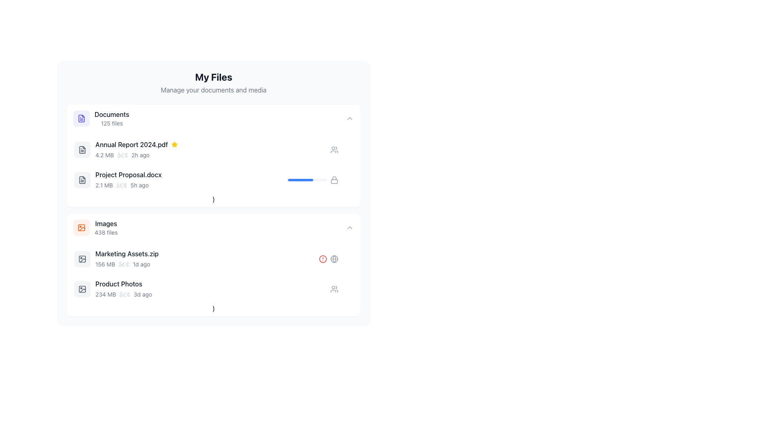 This screenshot has height=440, width=783. I want to click on the file entry named 'Project Proposal.docx' in the file manager interface, so click(213, 180).